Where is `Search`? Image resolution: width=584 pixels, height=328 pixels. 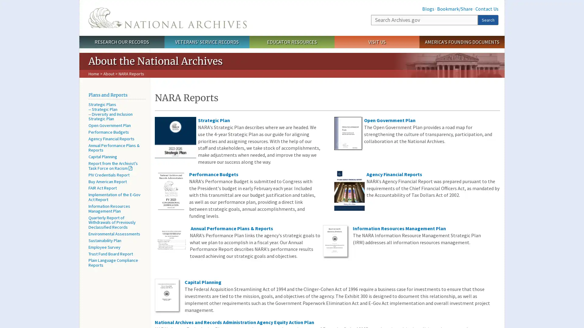
Search is located at coordinates (488, 19).